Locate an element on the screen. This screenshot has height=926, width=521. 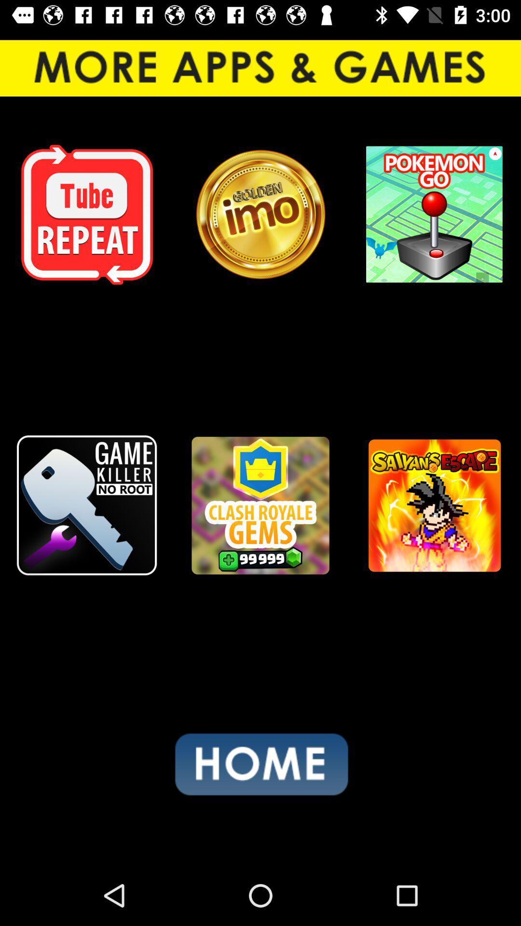
download tuberepeat app is located at coordinates (87, 214).